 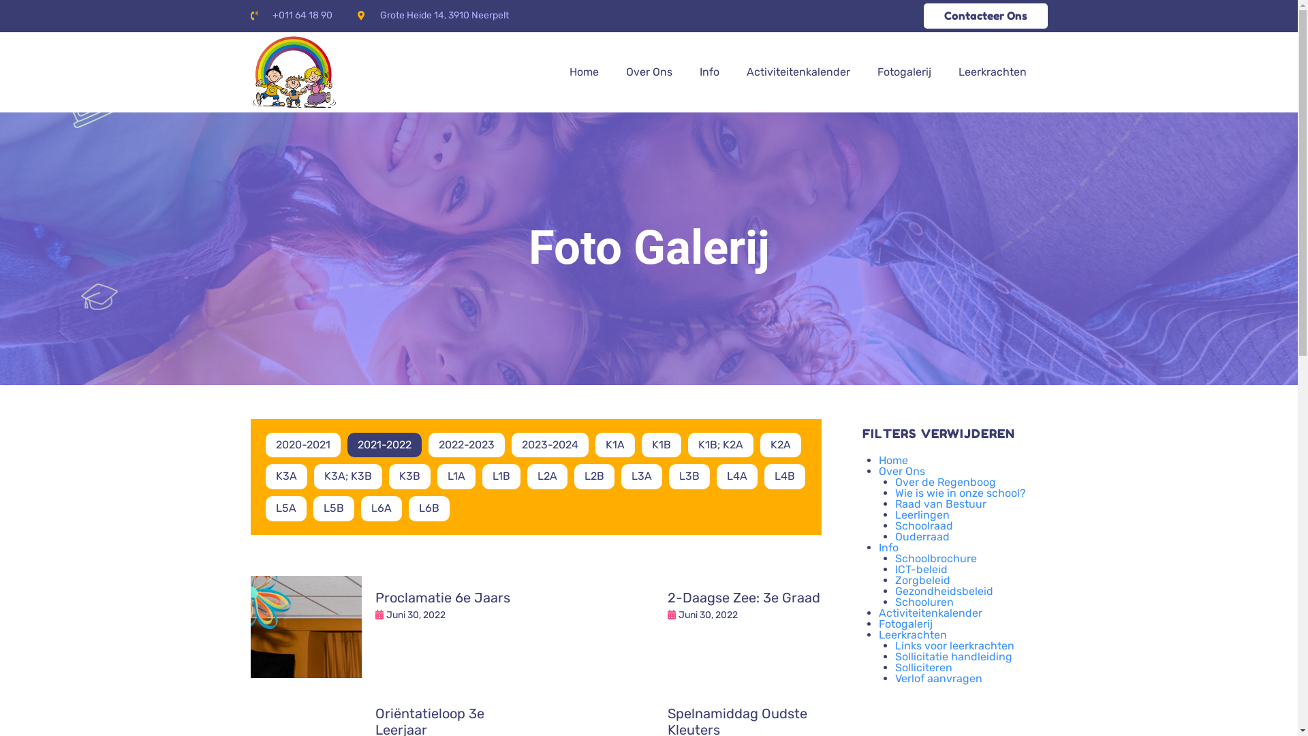 What do you see at coordinates (937, 678) in the screenshot?
I see `'Verlof aanvragen'` at bounding box center [937, 678].